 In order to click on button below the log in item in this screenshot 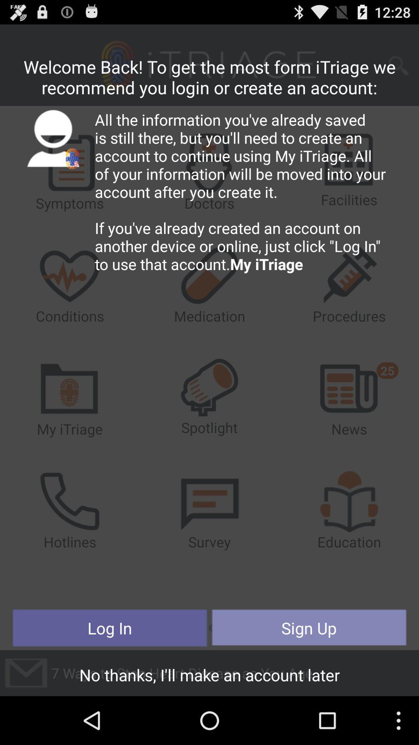, I will do `click(209, 677)`.